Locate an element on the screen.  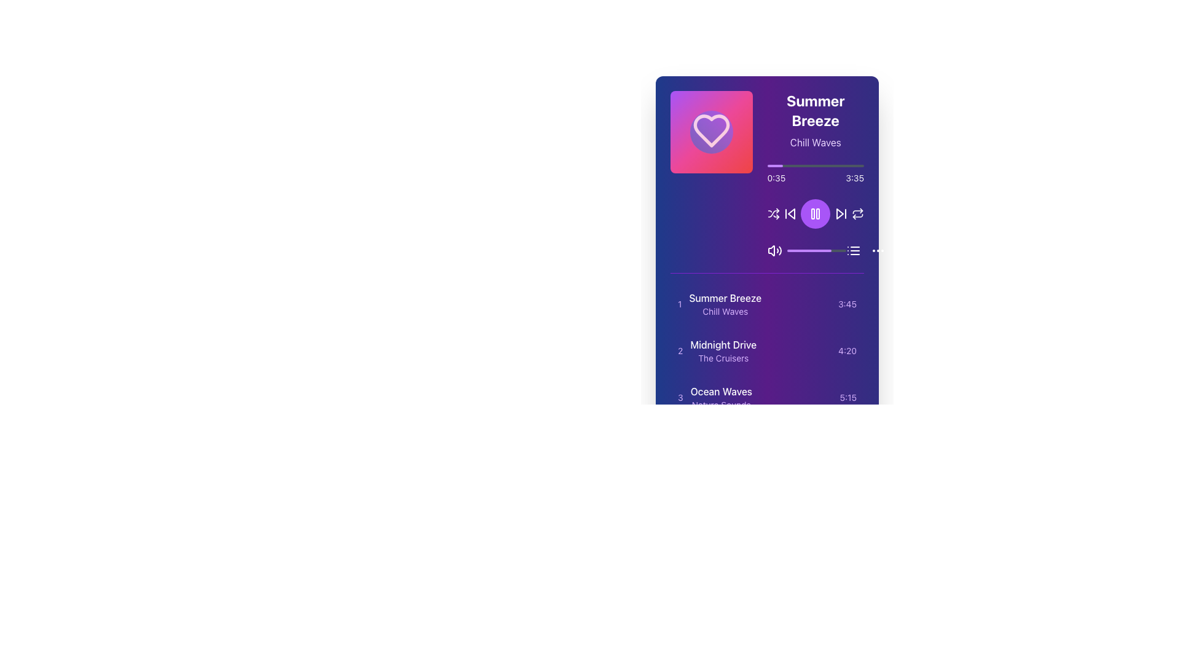
the first list item titled 'Summer Breeze' with the subtitle 'Chill Waves' is located at coordinates (720, 304).